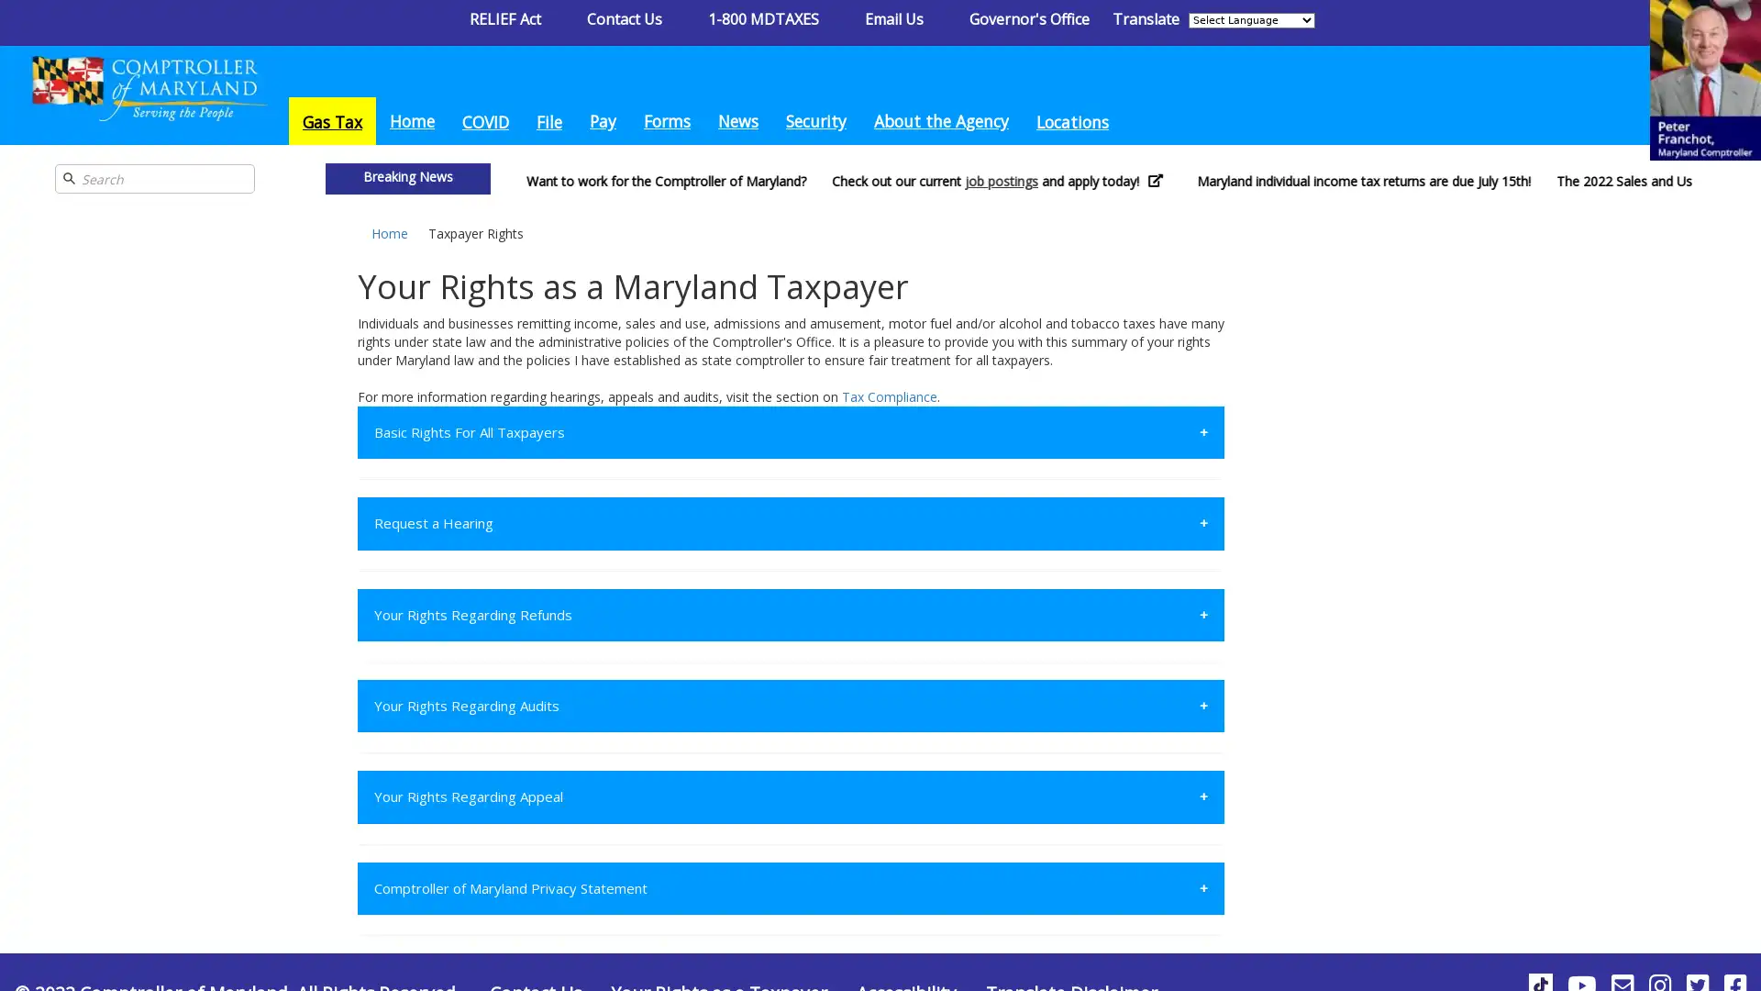  I want to click on Request a Hearing +, so click(791, 523).